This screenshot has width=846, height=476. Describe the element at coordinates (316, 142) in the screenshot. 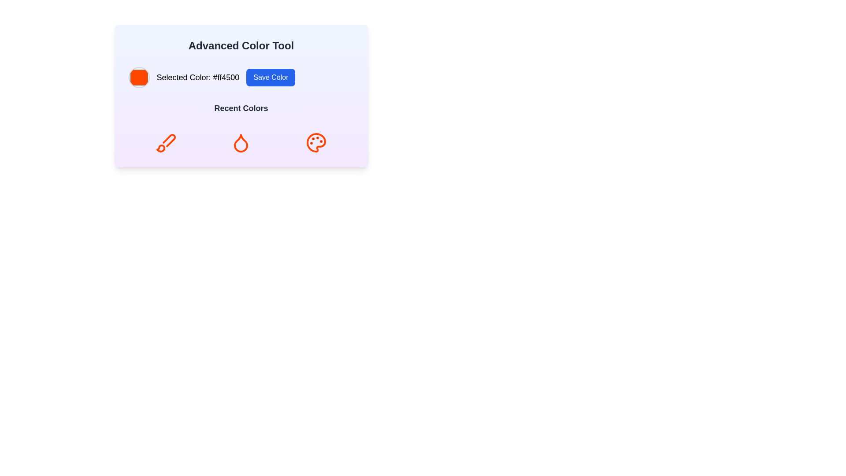

I see `the painter's palette icon, which is the third icon from the left in a horizontal line of color-related actions` at that location.